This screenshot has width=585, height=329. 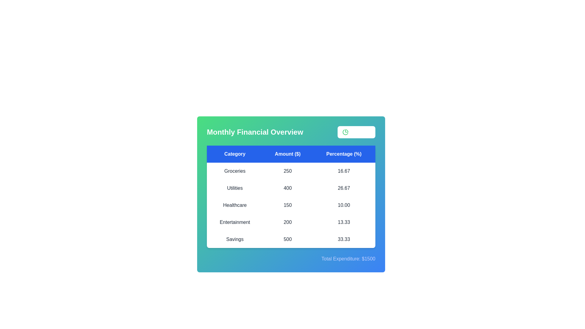 What do you see at coordinates (235, 222) in the screenshot?
I see `the row corresponding to a specific category Entertainment` at bounding box center [235, 222].